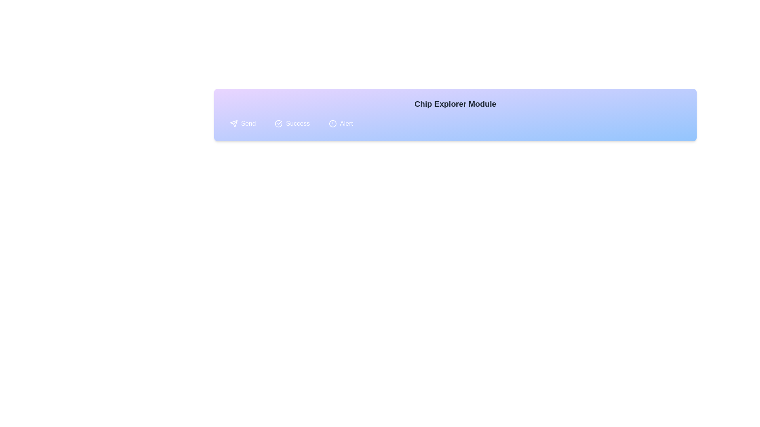 The image size is (760, 427). What do you see at coordinates (242, 123) in the screenshot?
I see `the chip labeled 'Send' to select it` at bounding box center [242, 123].